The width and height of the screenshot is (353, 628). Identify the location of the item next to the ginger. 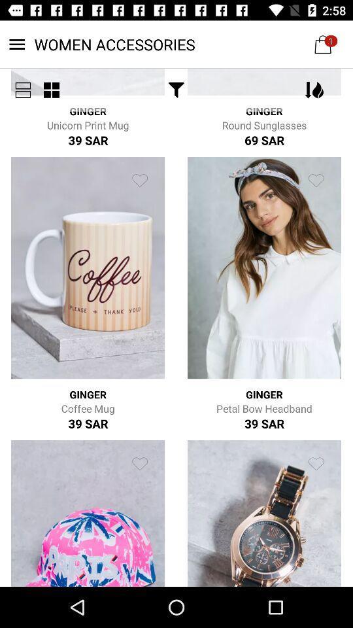
(50, 89).